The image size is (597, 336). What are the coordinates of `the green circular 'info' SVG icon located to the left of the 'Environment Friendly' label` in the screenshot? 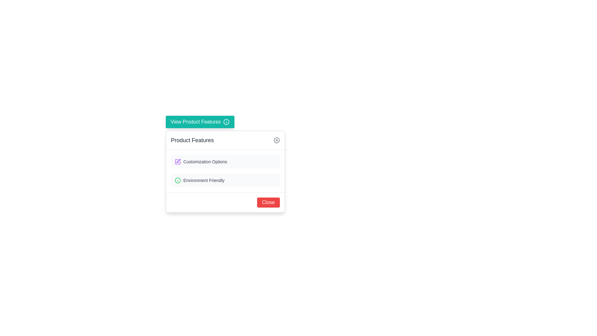 It's located at (177, 180).